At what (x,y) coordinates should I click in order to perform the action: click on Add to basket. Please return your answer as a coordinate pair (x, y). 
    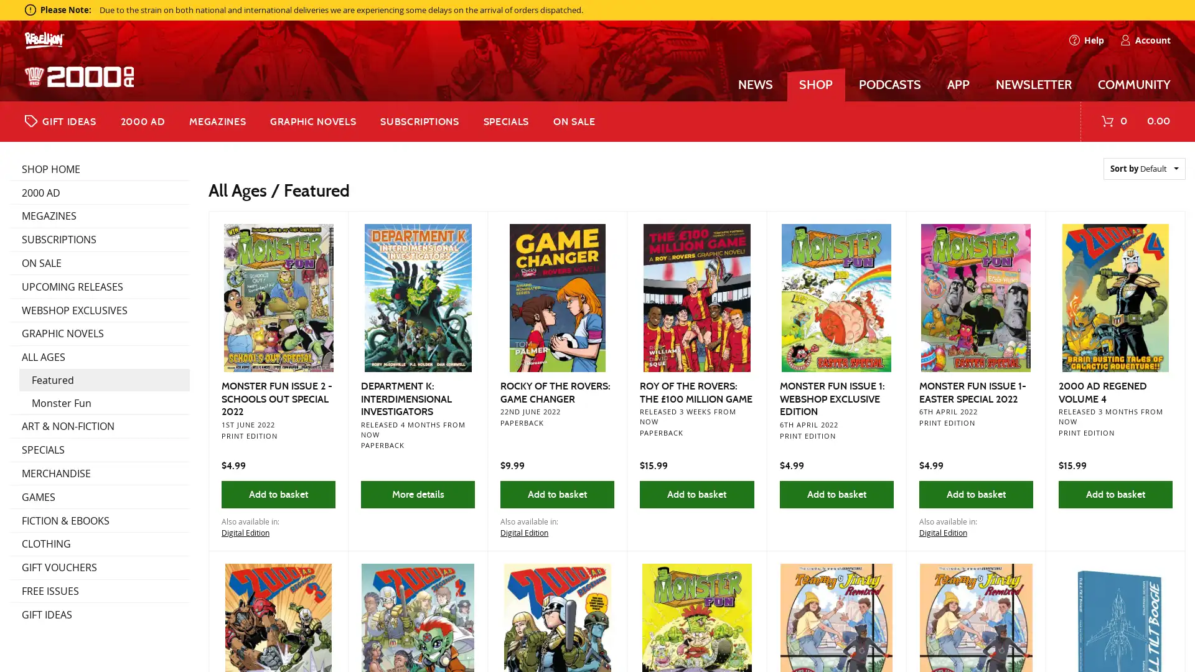
    Looking at the image, I should click on (836, 493).